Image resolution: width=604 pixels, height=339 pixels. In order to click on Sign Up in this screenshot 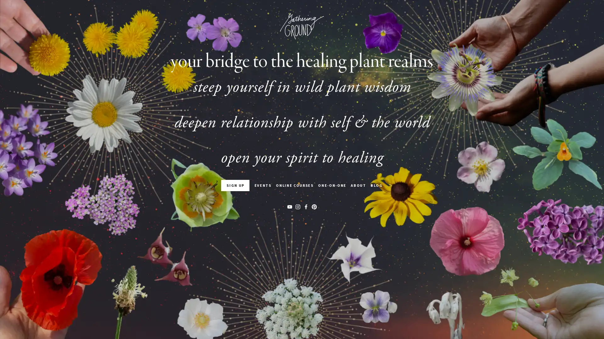, I will do `click(343, 242)`.